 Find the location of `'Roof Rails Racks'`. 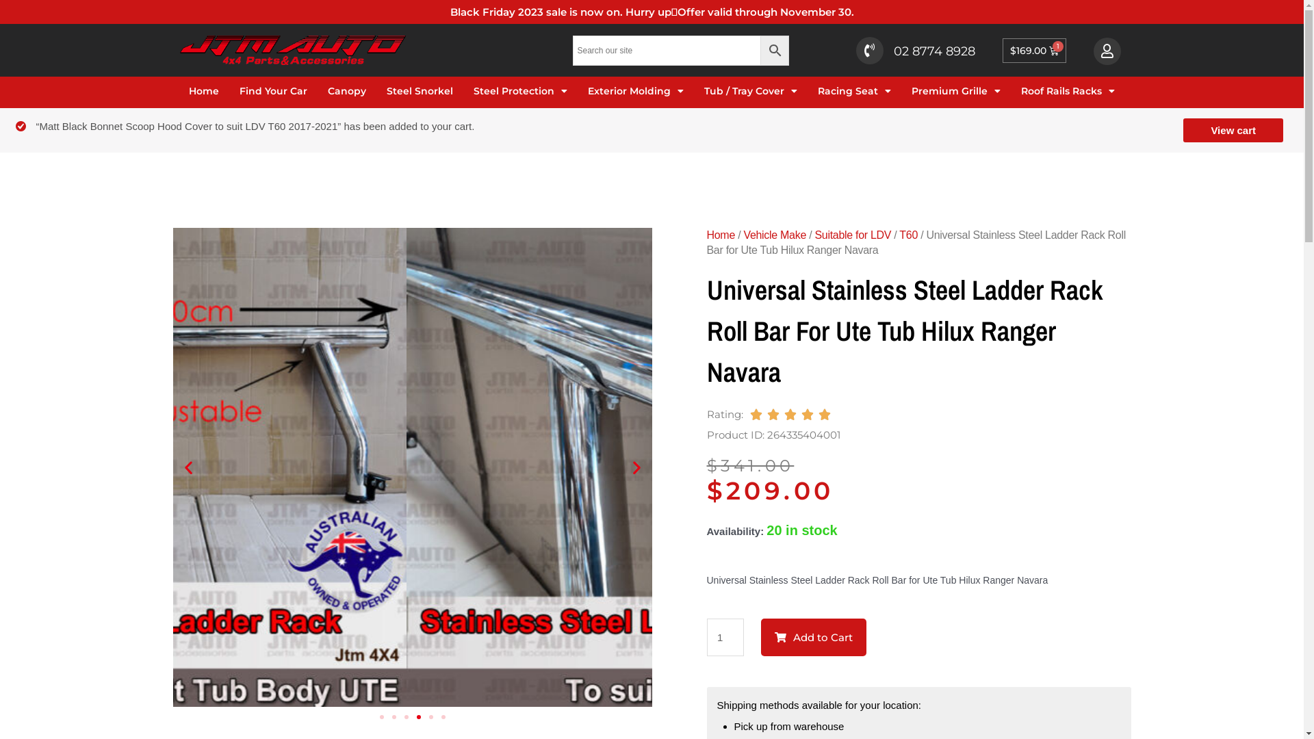

'Roof Rails Racks' is located at coordinates (1067, 91).